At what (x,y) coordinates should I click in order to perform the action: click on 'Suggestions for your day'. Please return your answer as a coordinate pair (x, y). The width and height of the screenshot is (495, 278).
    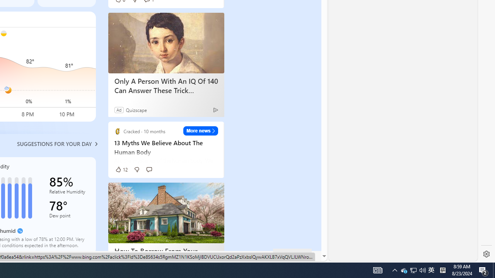
    Looking at the image, I should click on (54, 144).